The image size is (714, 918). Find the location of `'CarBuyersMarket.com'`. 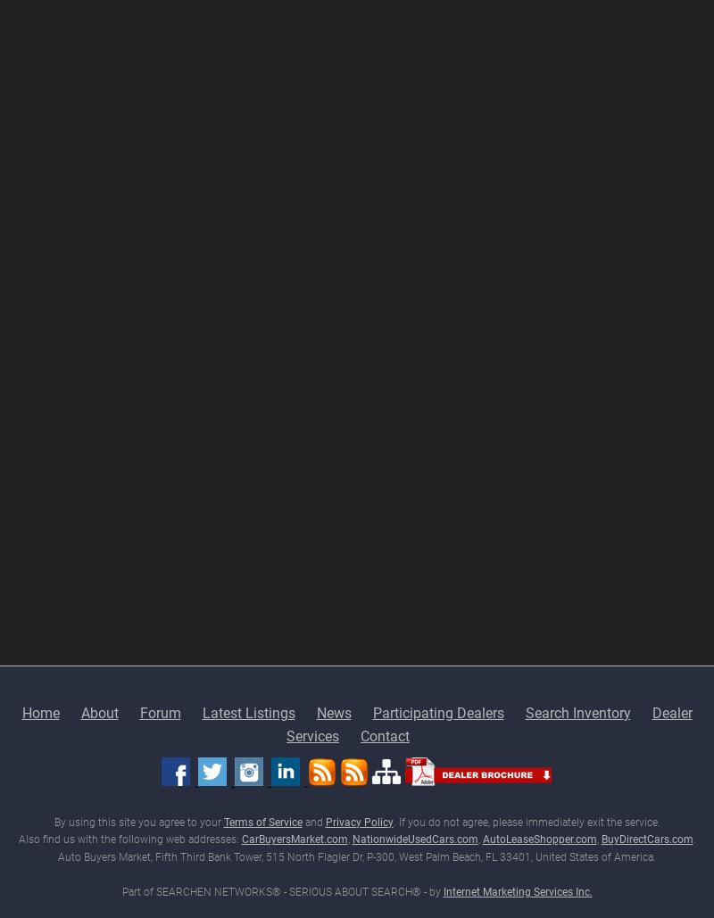

'CarBuyersMarket.com' is located at coordinates (241, 839).